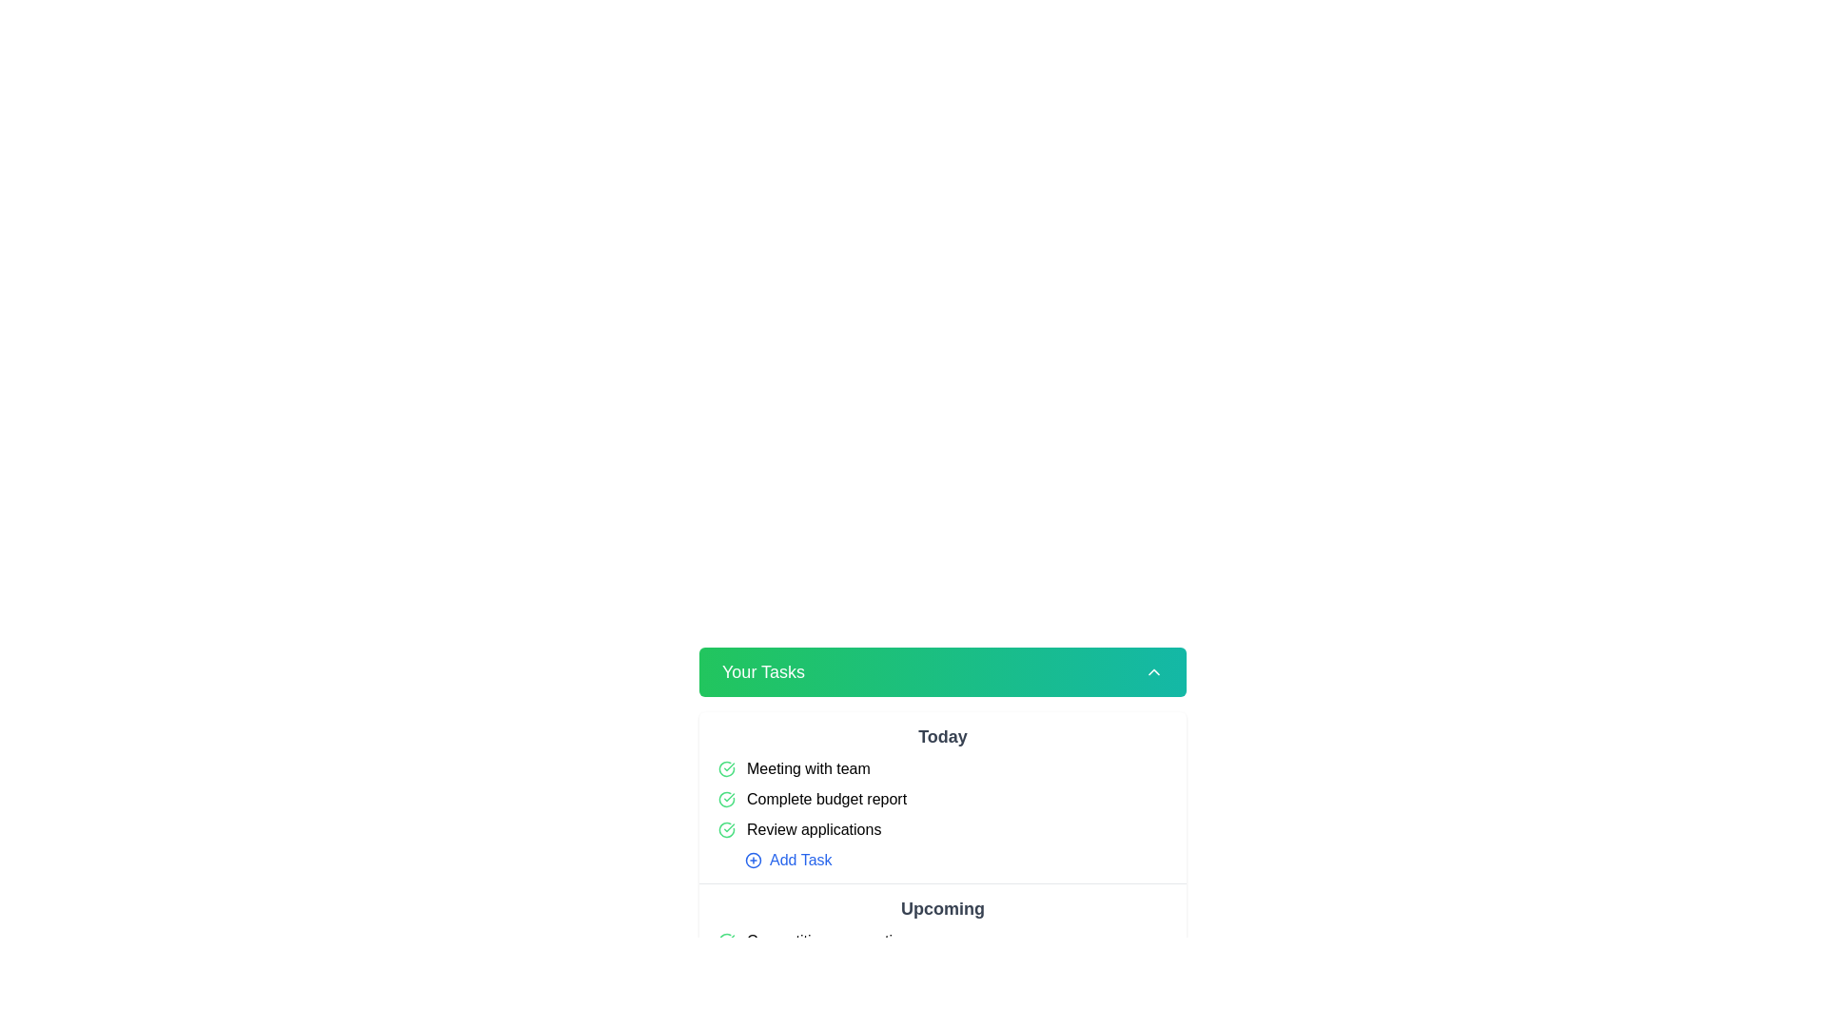 Image resolution: width=1827 pixels, height=1027 pixels. What do you see at coordinates (763, 670) in the screenshot?
I see `the Text Label that serves as the title for the task overview section, located on the left side of the header bar` at bounding box center [763, 670].